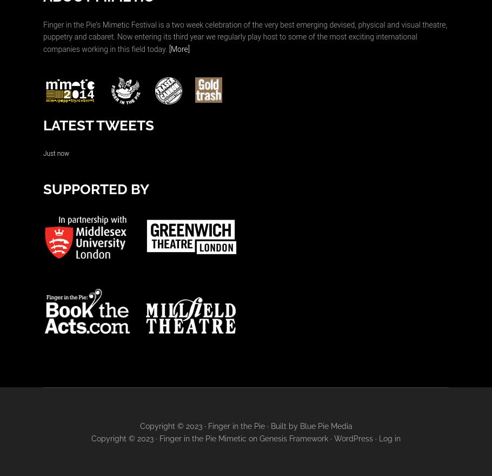  I want to click on 'Log in', so click(389, 438).